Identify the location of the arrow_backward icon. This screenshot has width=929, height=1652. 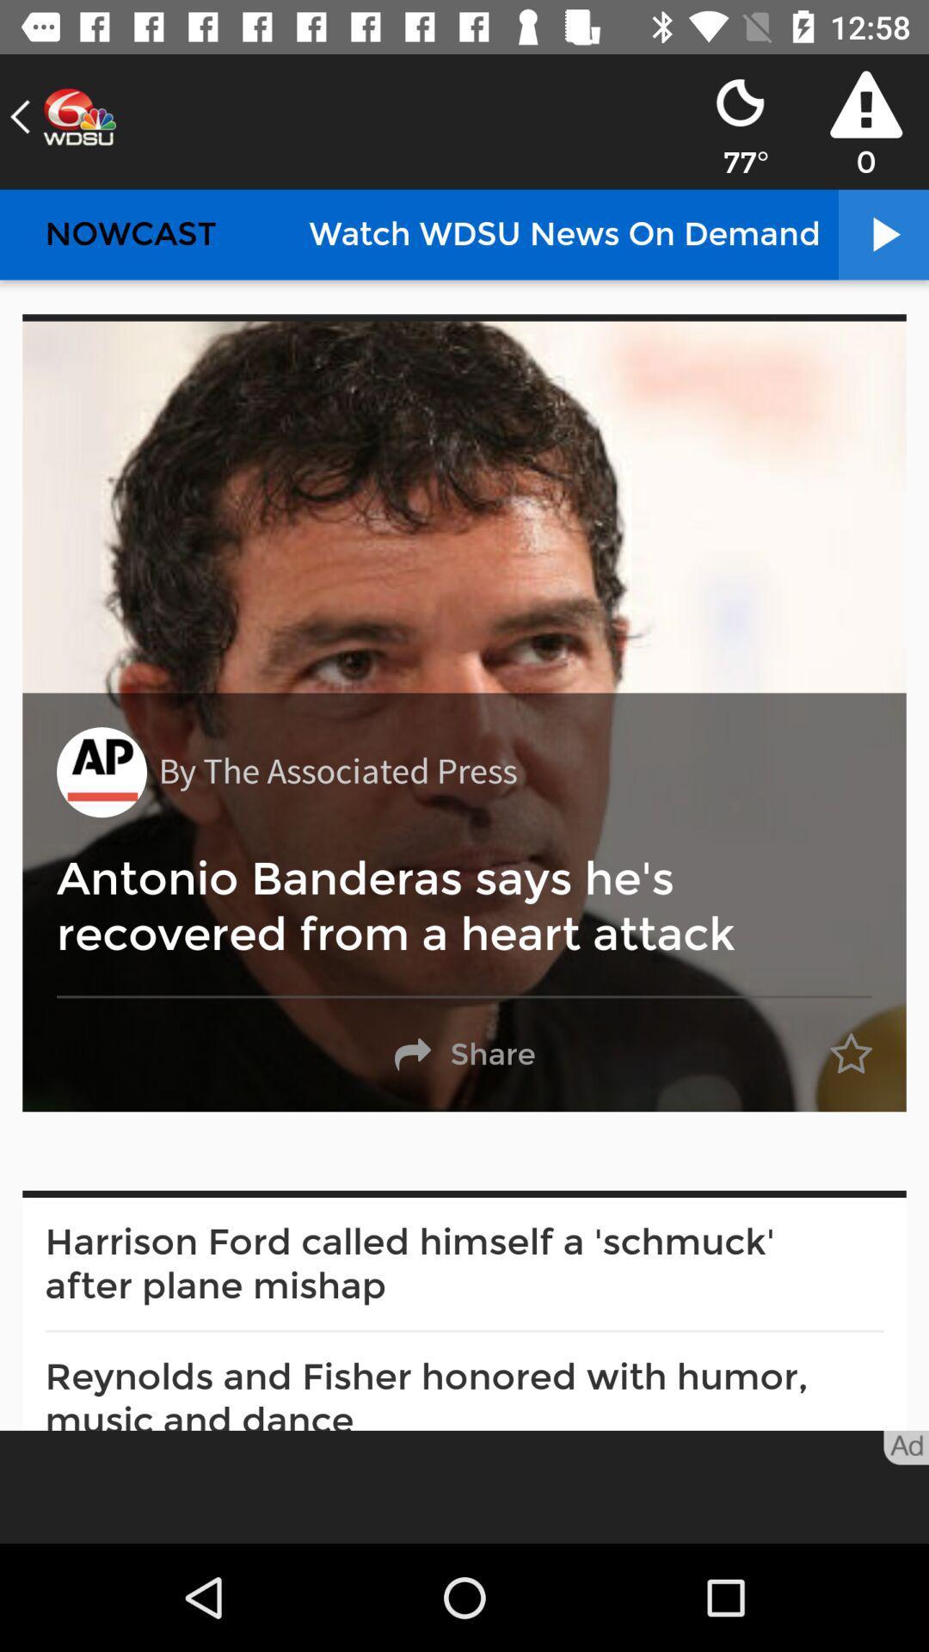
(62, 116).